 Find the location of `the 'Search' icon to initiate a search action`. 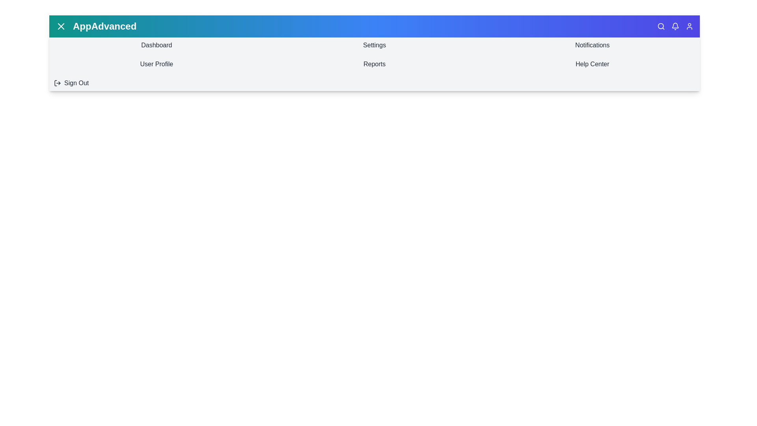

the 'Search' icon to initiate a search action is located at coordinates (661, 26).